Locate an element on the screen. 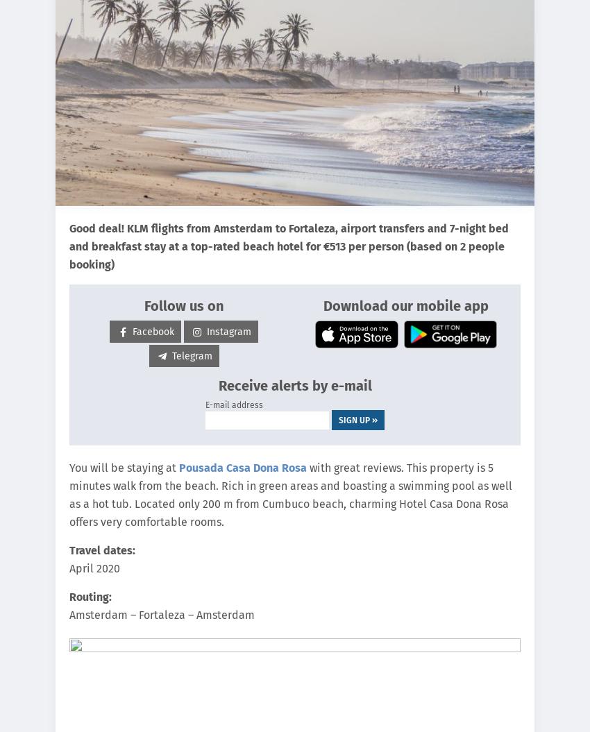 The image size is (590, 732). 'Follow us on' is located at coordinates (183, 305).